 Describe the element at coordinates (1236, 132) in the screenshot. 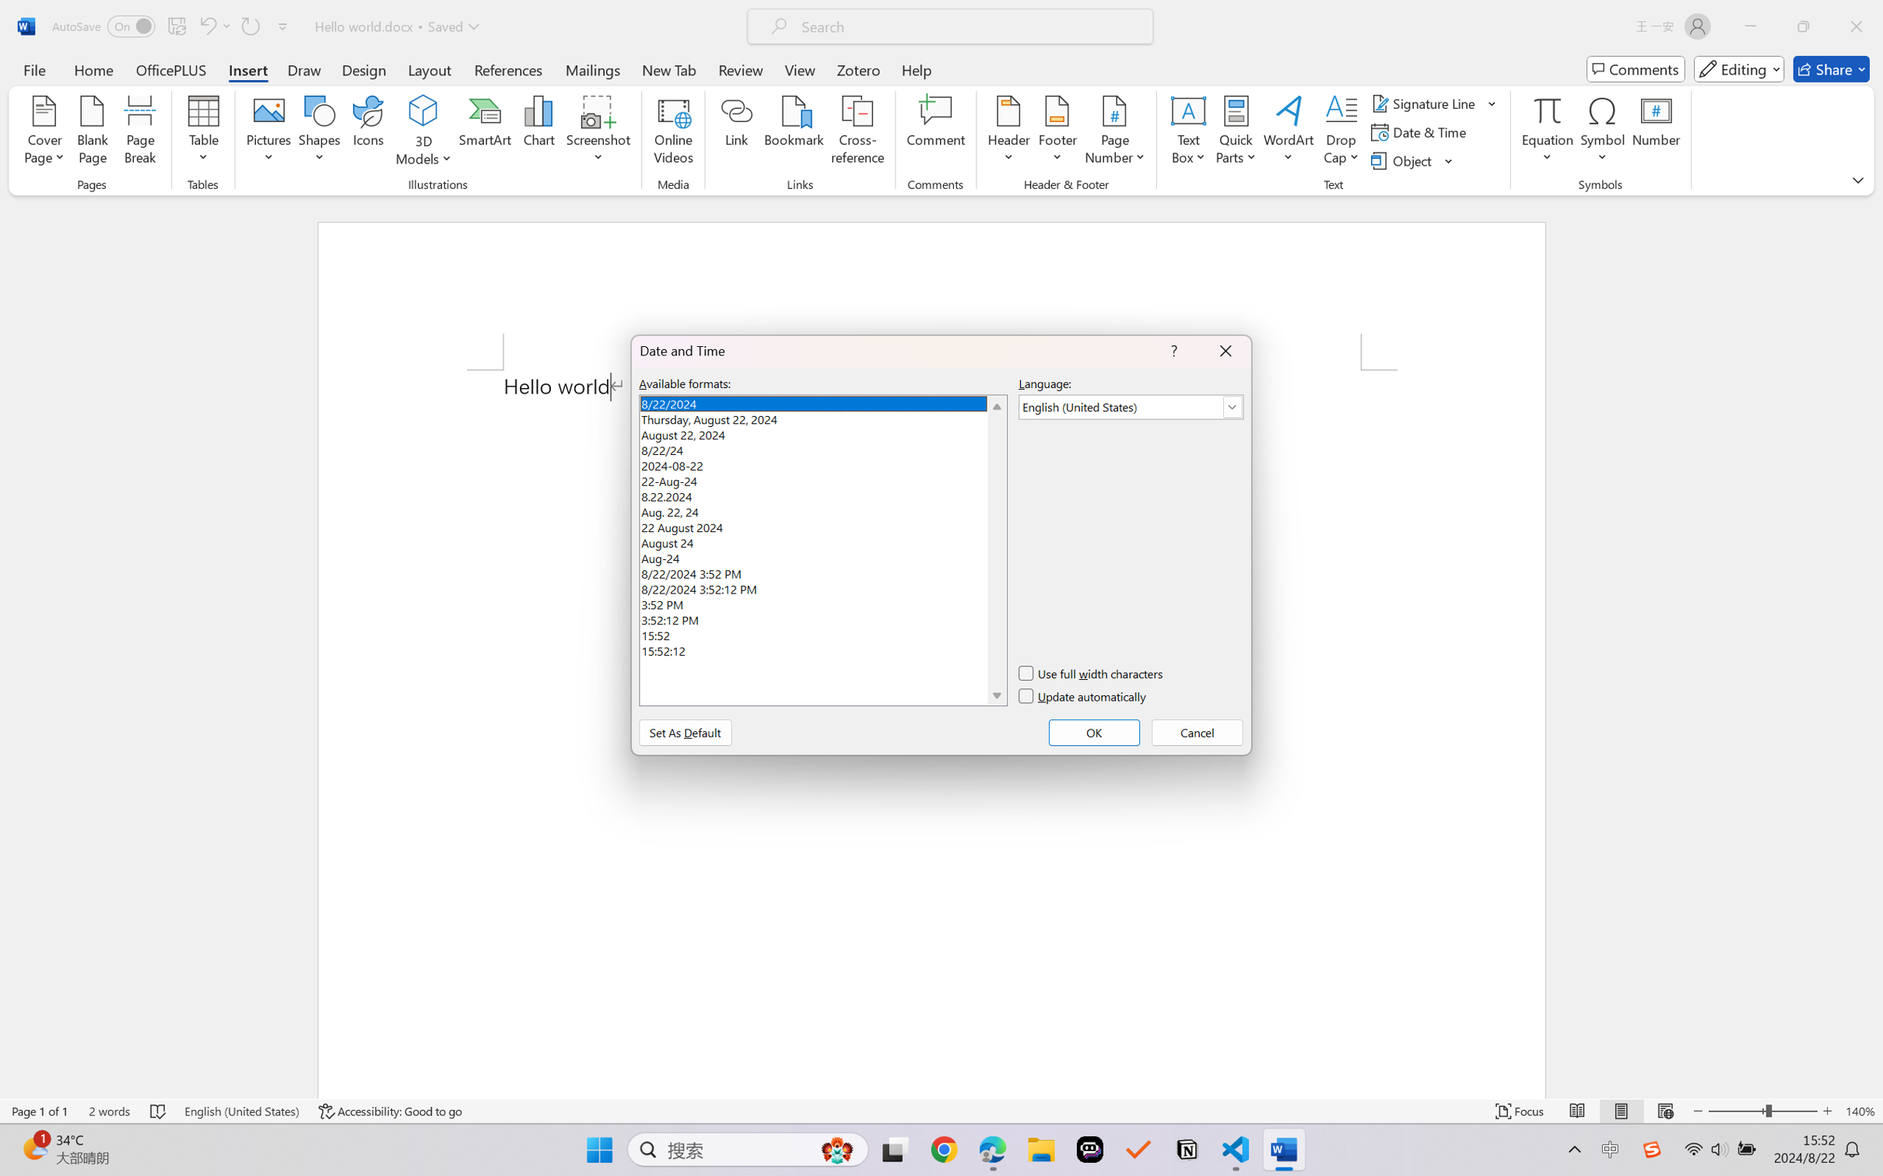

I see `'Quick Parts'` at that location.